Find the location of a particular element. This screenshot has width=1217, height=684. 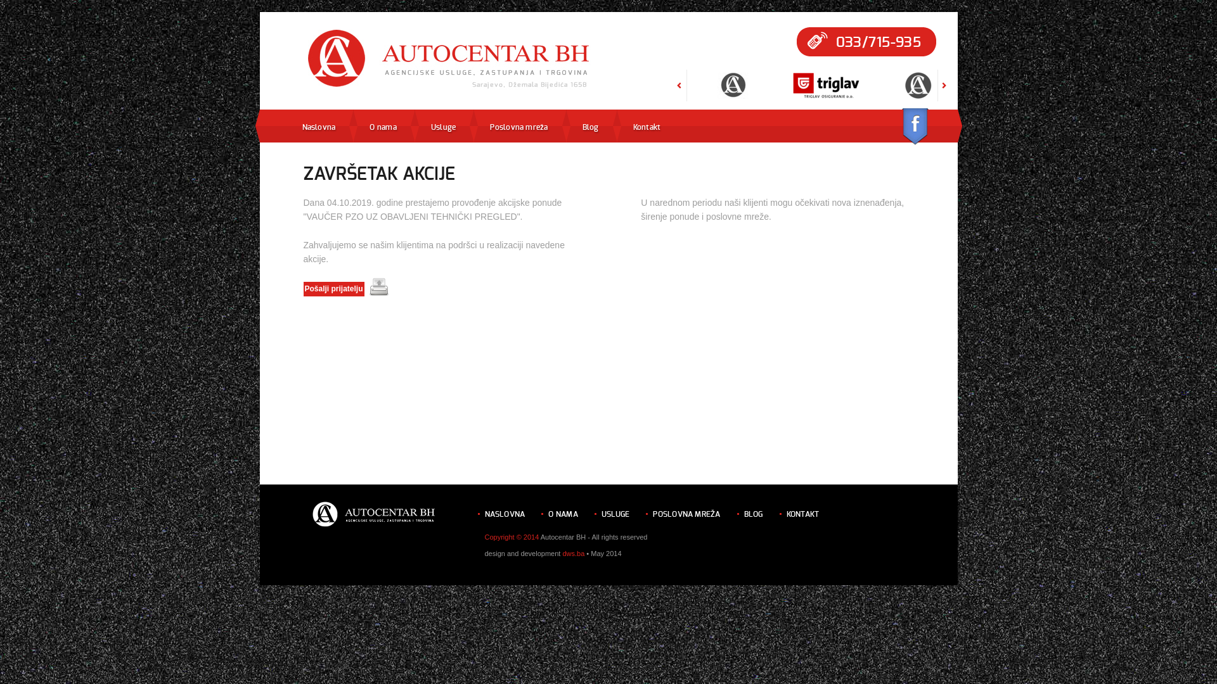

'Next' is located at coordinates (944, 97).